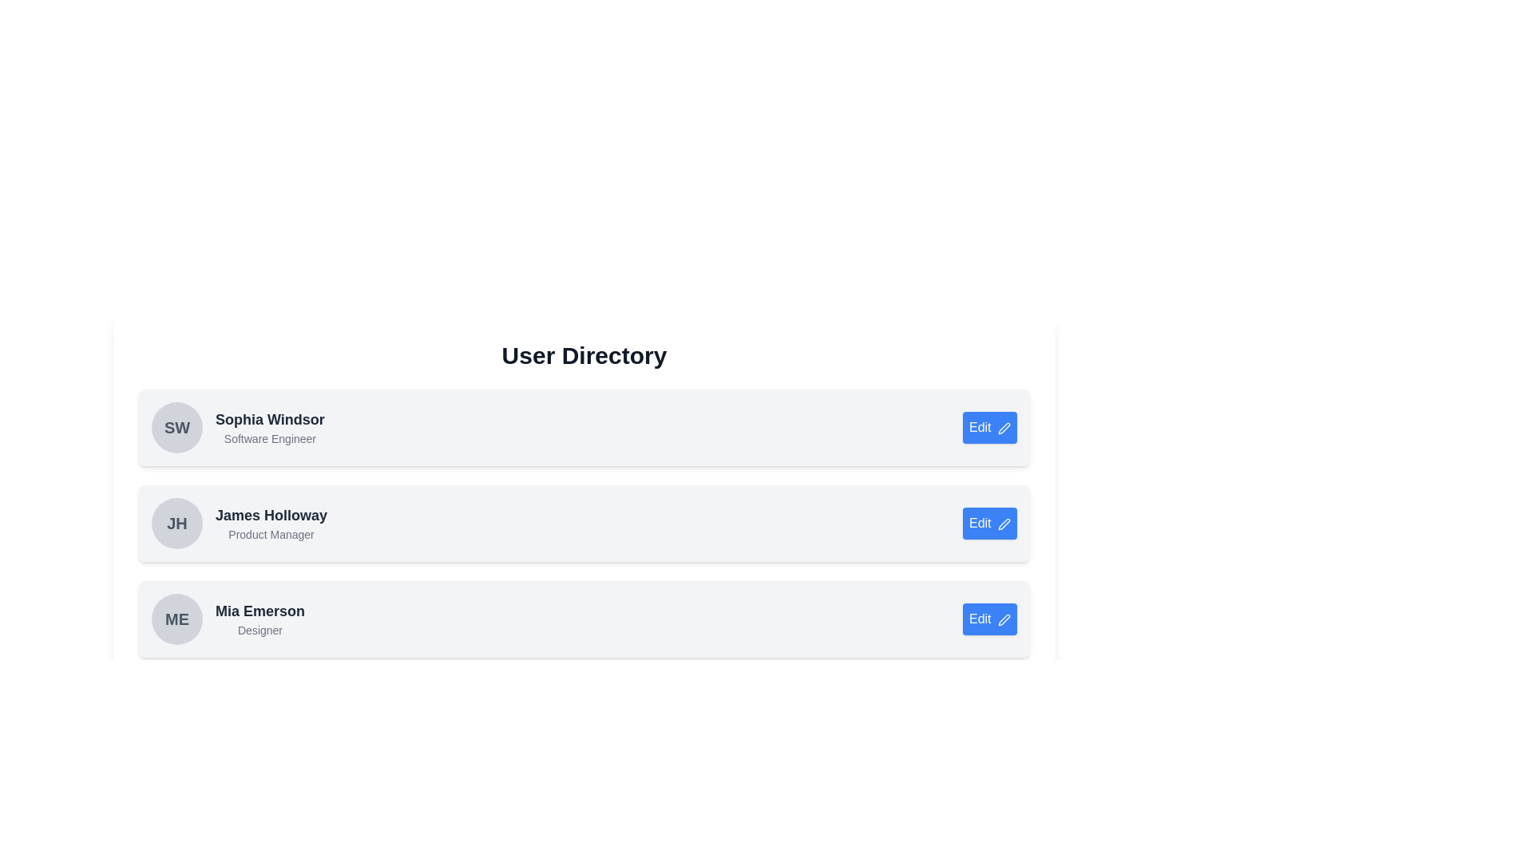 Image resolution: width=1533 pixels, height=862 pixels. What do you see at coordinates (270, 427) in the screenshot?
I see `the text label displaying 'Sophia Windsor' and 'Software Engineer', which is located in the first entry of the user directory, positioned to the right of the circular avatar with initials 'SW'` at bounding box center [270, 427].